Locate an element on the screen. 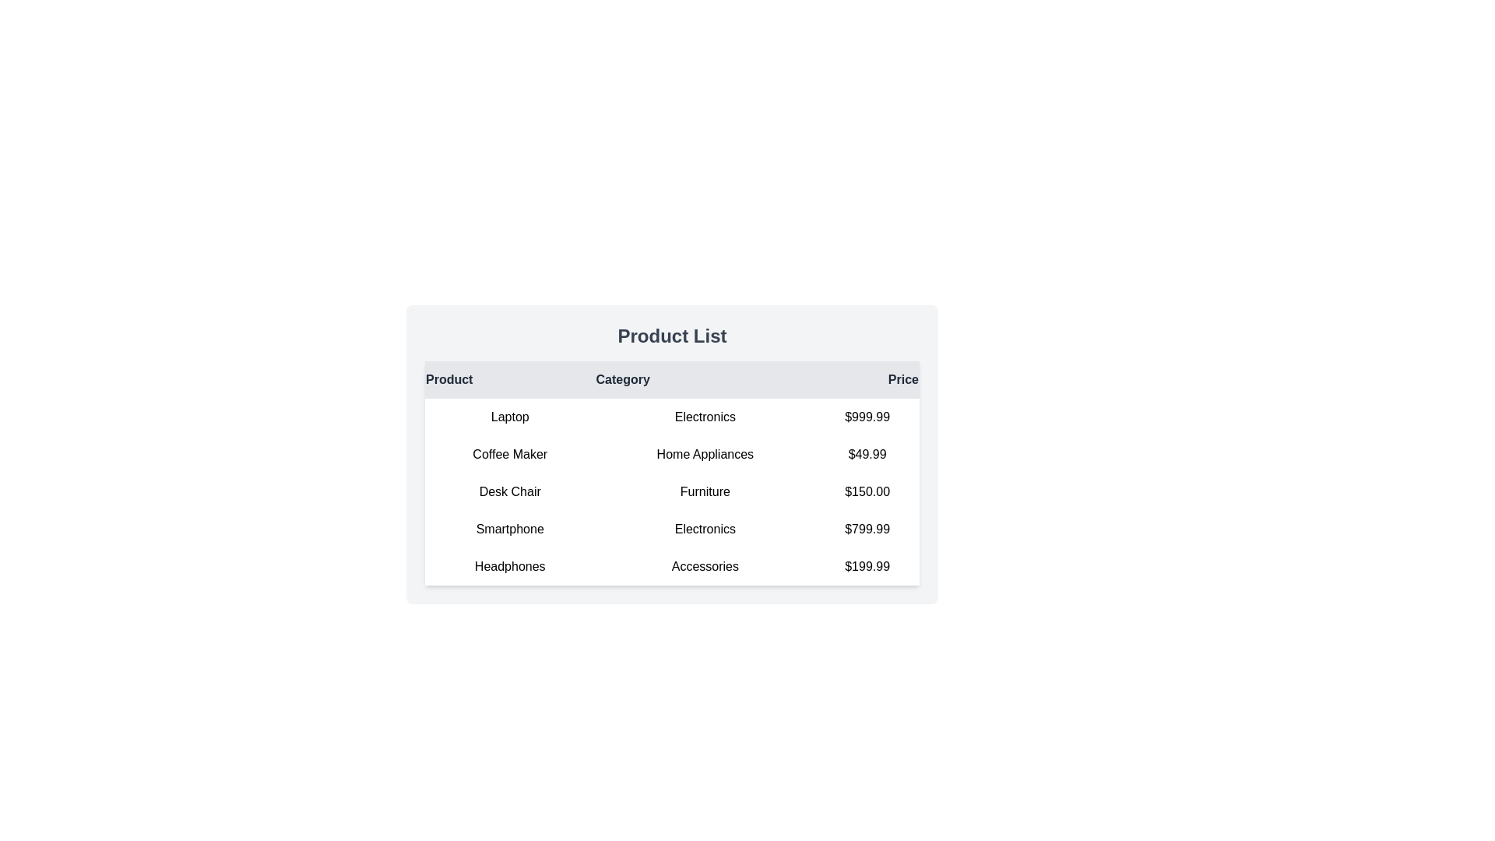 The width and height of the screenshot is (1495, 841). the static text element displaying 'Coffee Maker', which is centrally aligned in the 'Product List' table under the 'Product' column is located at coordinates (510, 454).